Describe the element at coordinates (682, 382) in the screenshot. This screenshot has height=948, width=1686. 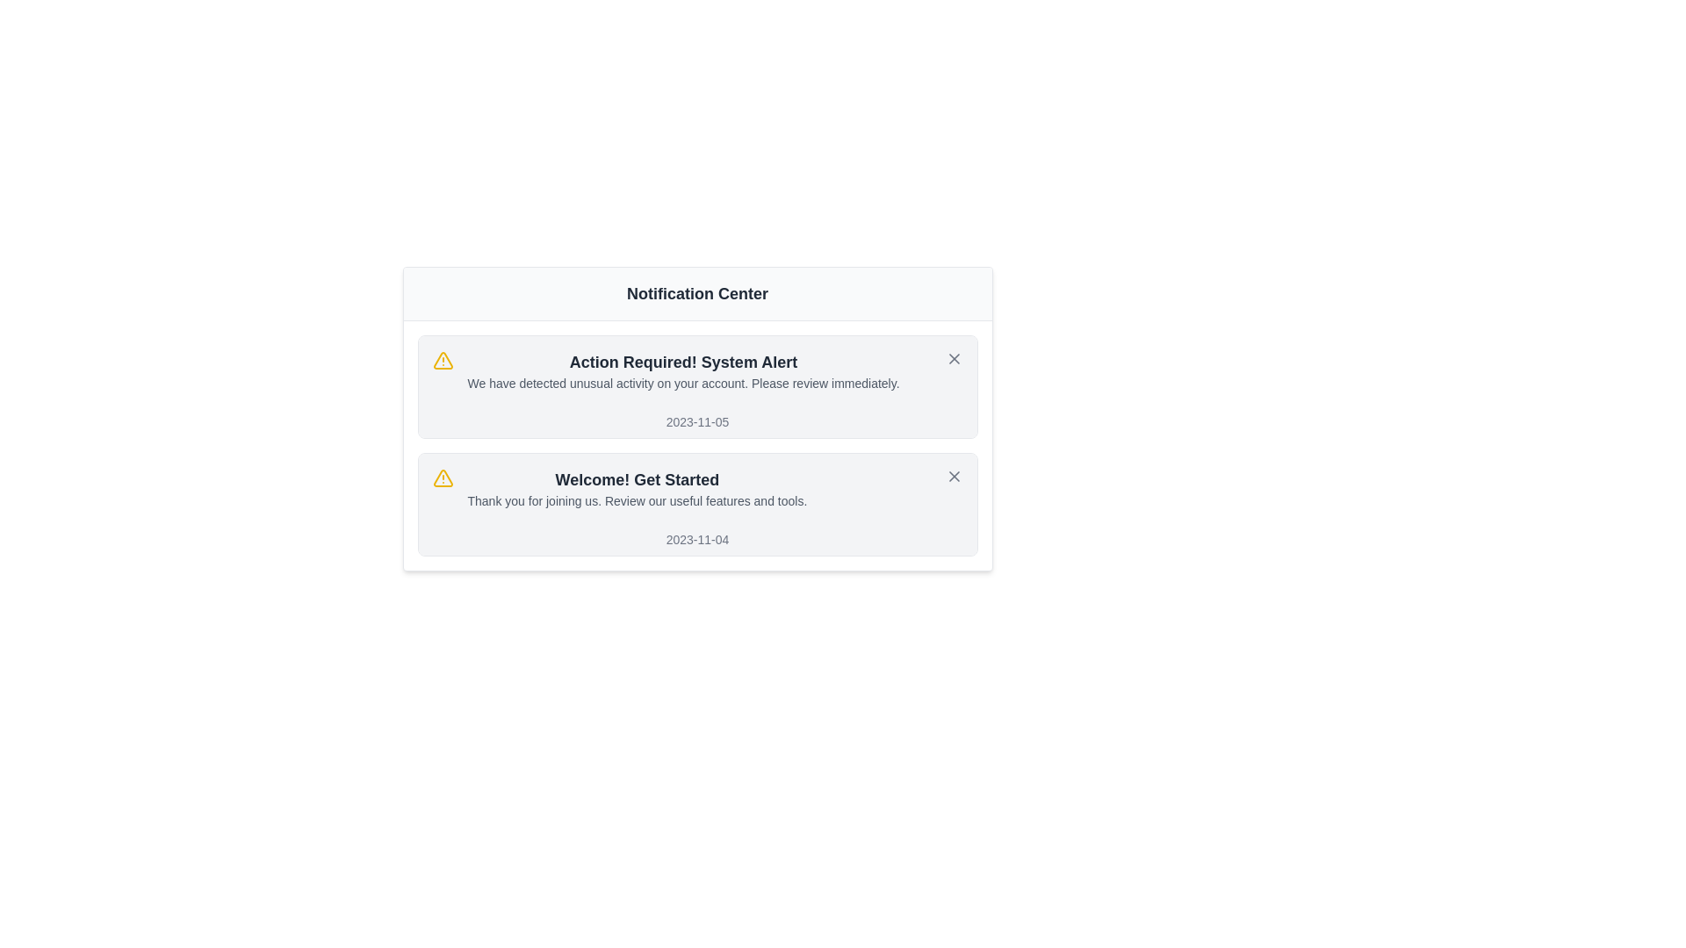
I see `the Text display element that provides a warning message or additional details related to the alert described in the heading 'Action Required! System Alert', positioned directly below it within the same card` at that location.